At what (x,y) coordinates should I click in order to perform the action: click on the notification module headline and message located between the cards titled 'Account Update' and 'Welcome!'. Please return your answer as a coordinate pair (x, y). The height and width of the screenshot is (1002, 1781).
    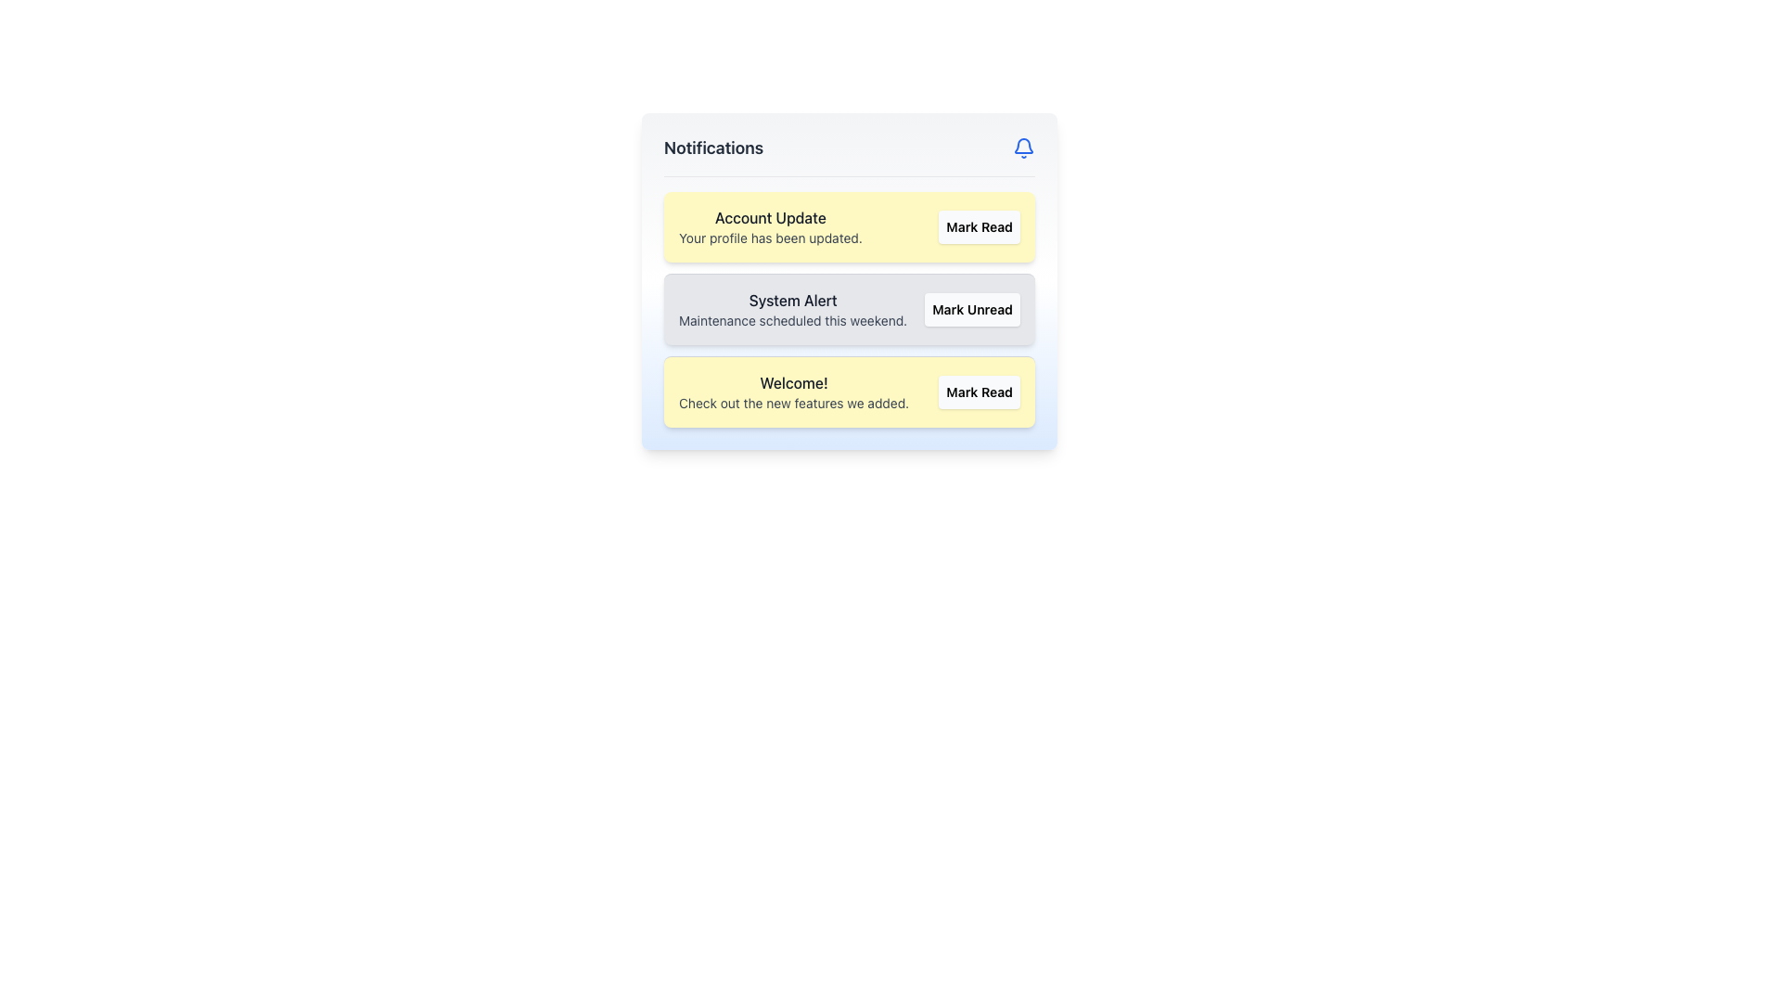
    Looking at the image, I should click on (793, 309).